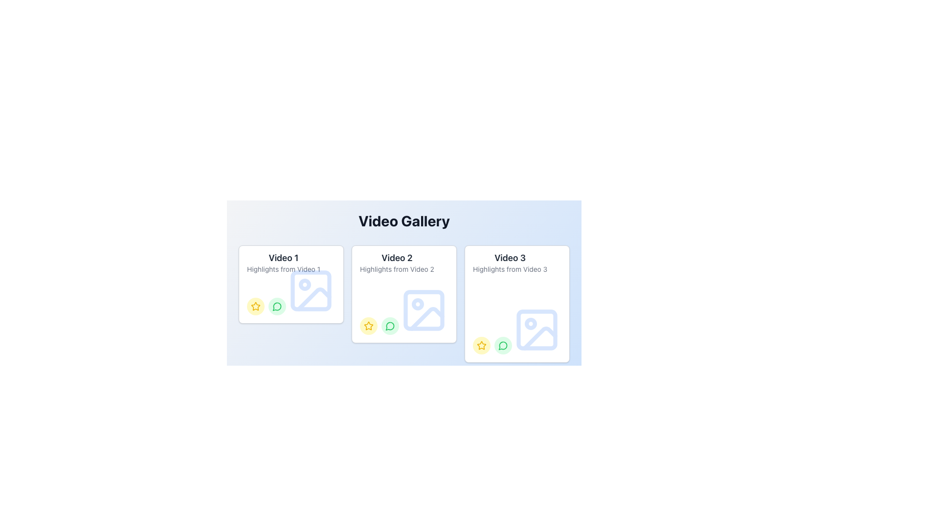 This screenshot has height=528, width=939. What do you see at coordinates (389, 451) in the screenshot?
I see `the second interactive button located in the bottom-right corner of the third card to initiate or view comments associated with the item` at bounding box center [389, 451].